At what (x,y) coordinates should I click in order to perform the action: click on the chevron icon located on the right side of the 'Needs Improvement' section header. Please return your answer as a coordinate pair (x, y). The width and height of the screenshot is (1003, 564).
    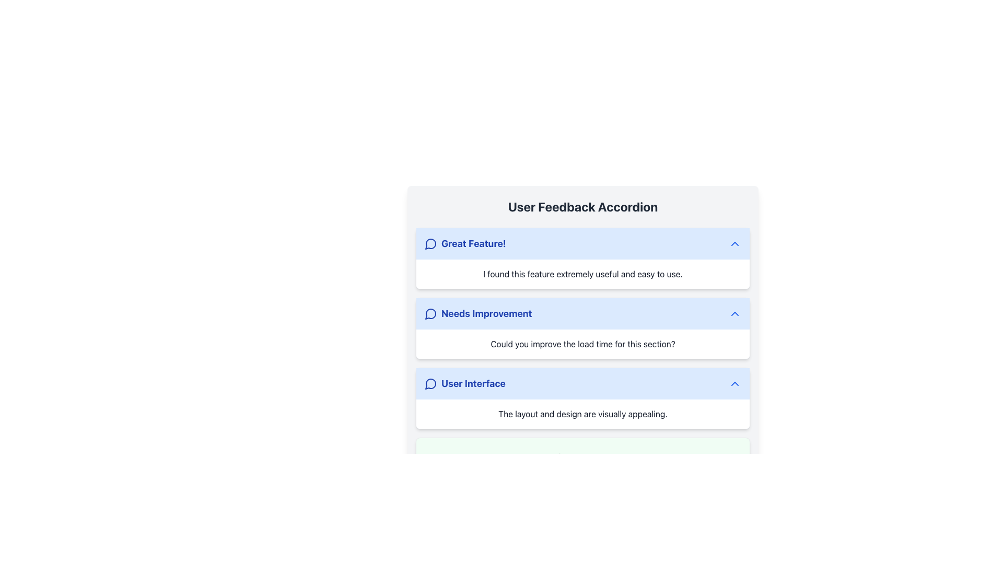
    Looking at the image, I should click on (734, 313).